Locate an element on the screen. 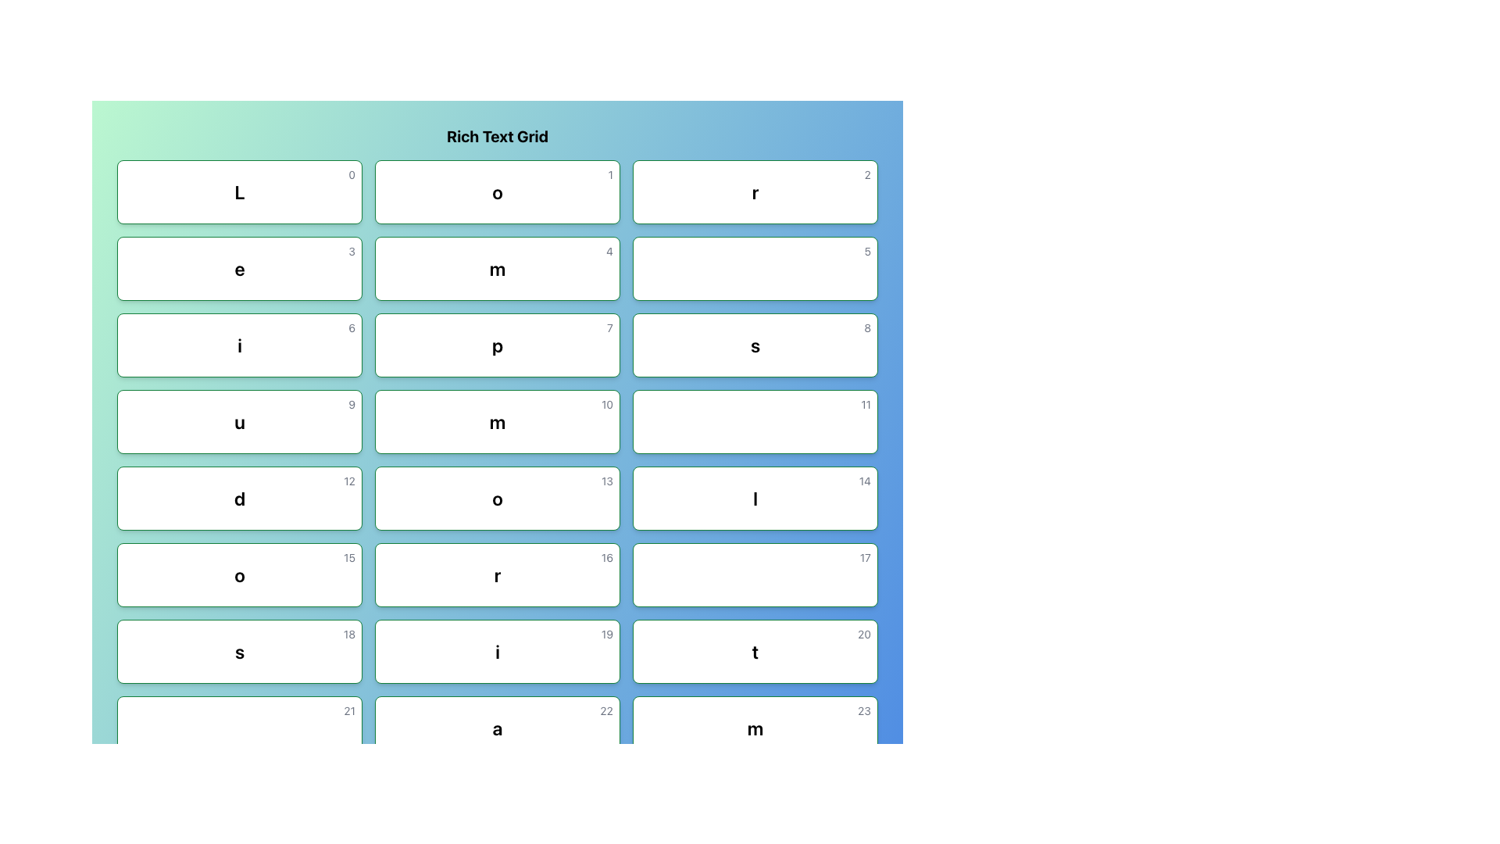  the grid cell located in the 8th row and 1st column, which is beneath the element labeled '21' and to the left of '25' is located at coordinates (239, 804).